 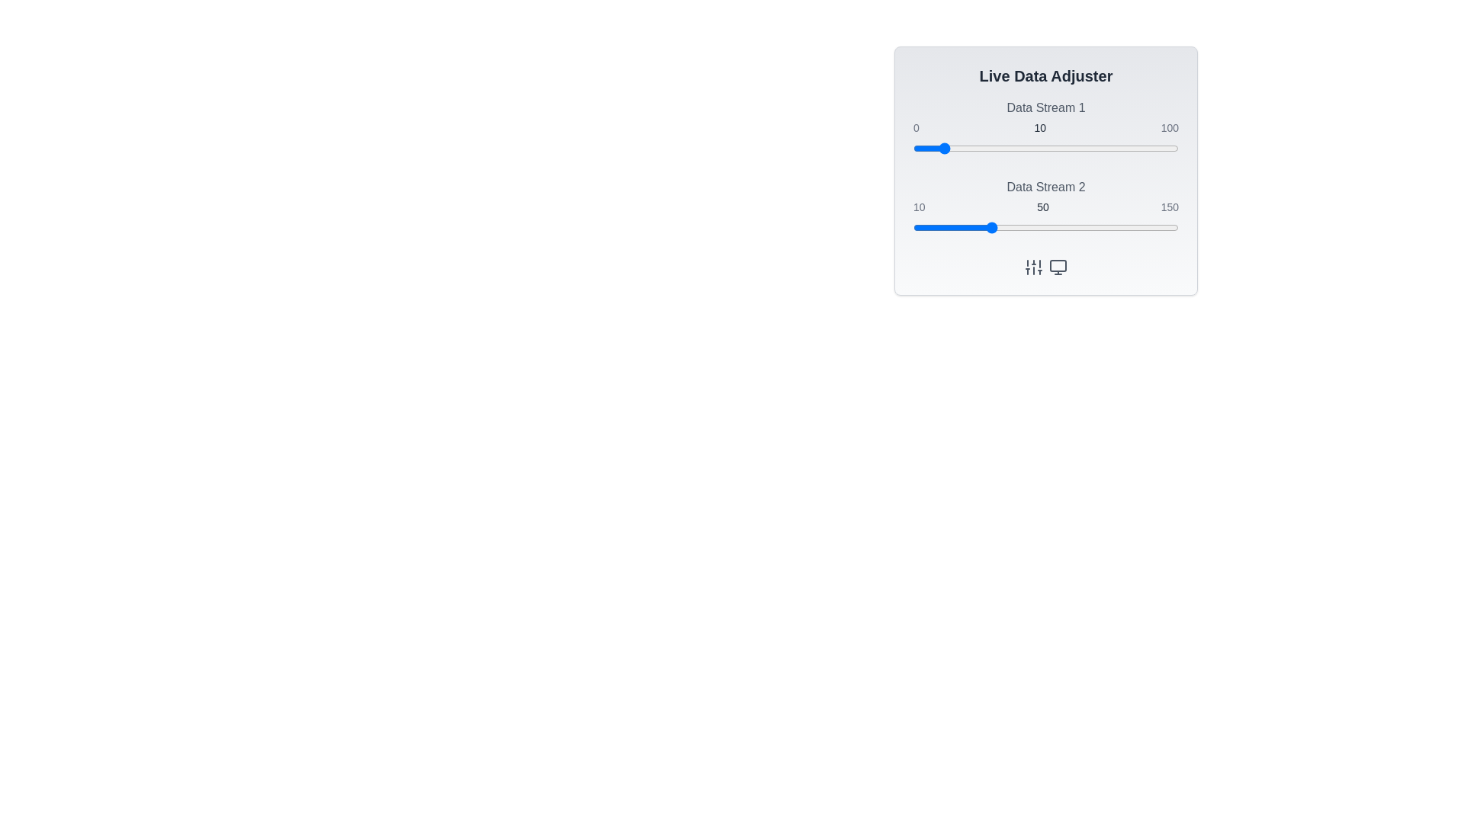 I want to click on the Text Display Group element that shows the numeric values '10', '50', and '150', located below 'Data Stream 2', so click(x=1045, y=207).